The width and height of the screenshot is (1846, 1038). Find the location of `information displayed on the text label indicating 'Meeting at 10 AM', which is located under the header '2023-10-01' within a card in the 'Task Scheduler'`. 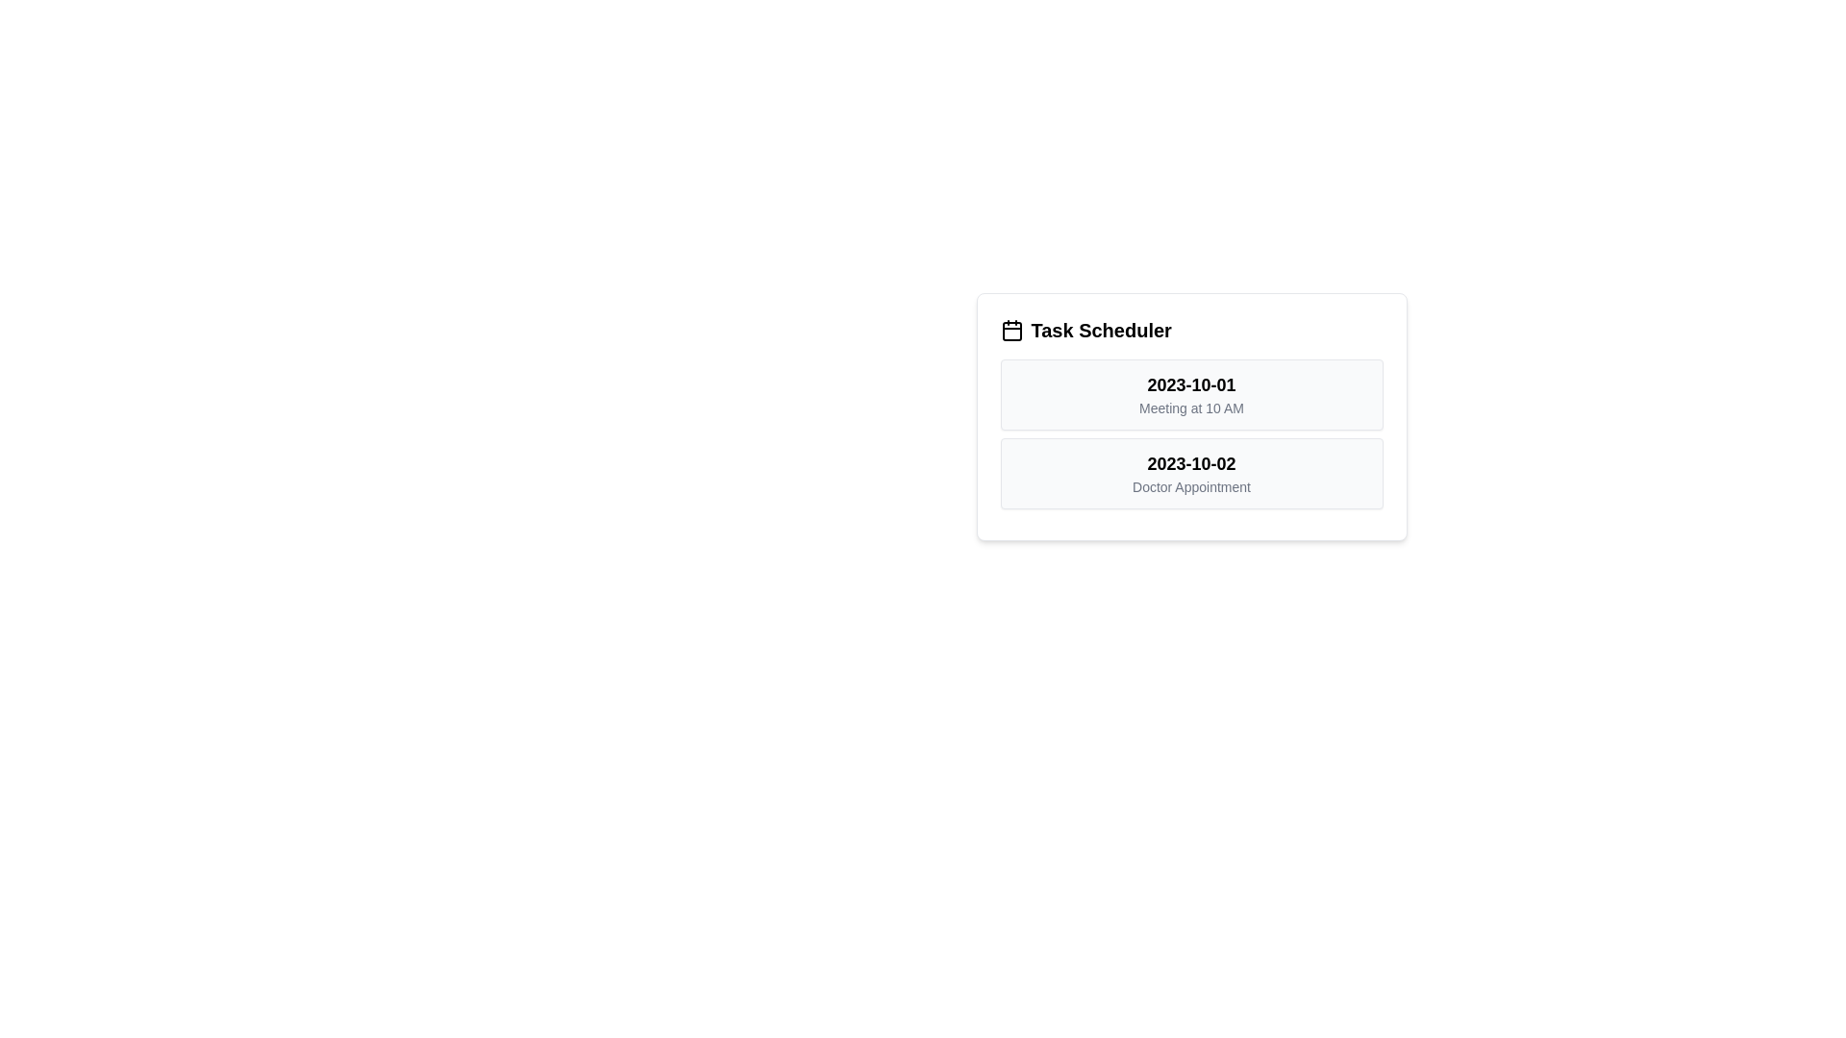

information displayed on the text label indicating 'Meeting at 10 AM', which is located under the header '2023-10-01' within a card in the 'Task Scheduler' is located at coordinates (1190, 407).